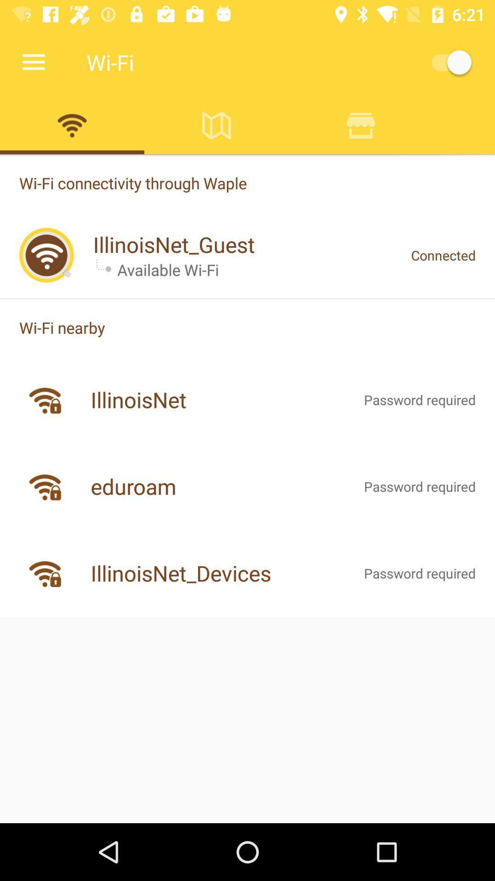 This screenshot has height=881, width=495. I want to click on navigate to wi-fi tab, so click(71, 125).